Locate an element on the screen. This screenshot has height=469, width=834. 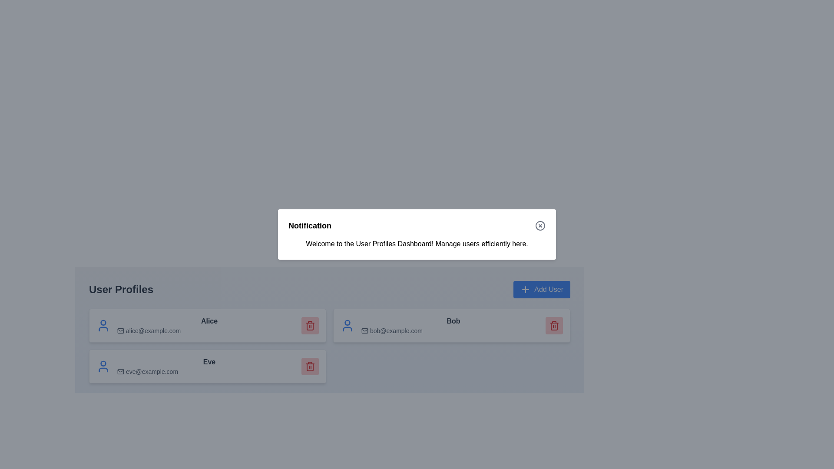
the text label with icon that displays user contact information in the third user profile card located in the bottom-right corner of the user profiles list is located at coordinates (453, 325).